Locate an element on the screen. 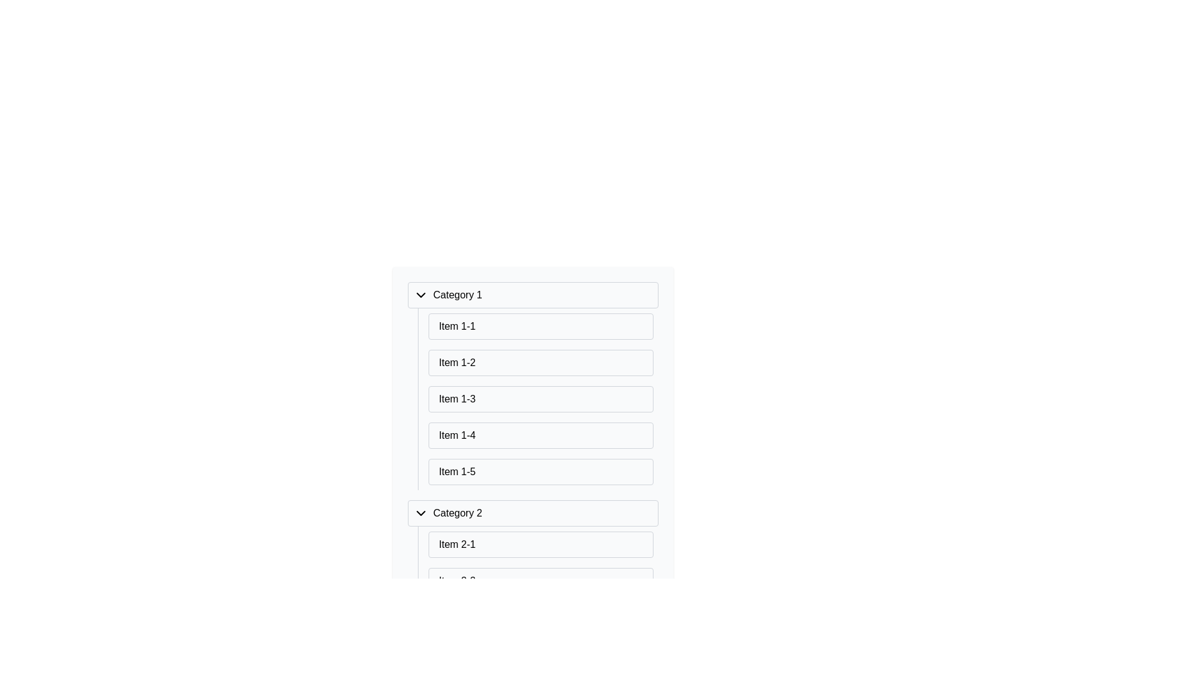 The width and height of the screenshot is (1203, 677). the button-like list item labeled 'Item 2-1' located under the 'Category 2' section is located at coordinates (541, 543).